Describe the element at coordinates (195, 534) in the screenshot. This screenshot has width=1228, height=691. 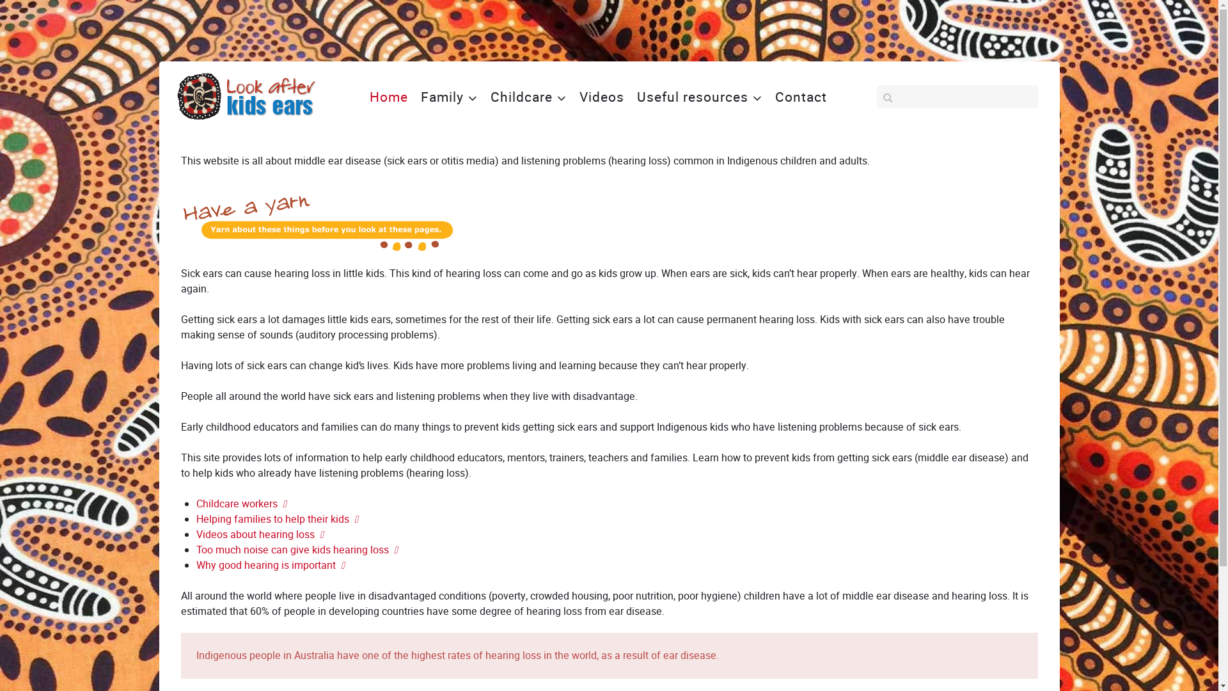
I see `'Videos about hearing loss'` at that location.